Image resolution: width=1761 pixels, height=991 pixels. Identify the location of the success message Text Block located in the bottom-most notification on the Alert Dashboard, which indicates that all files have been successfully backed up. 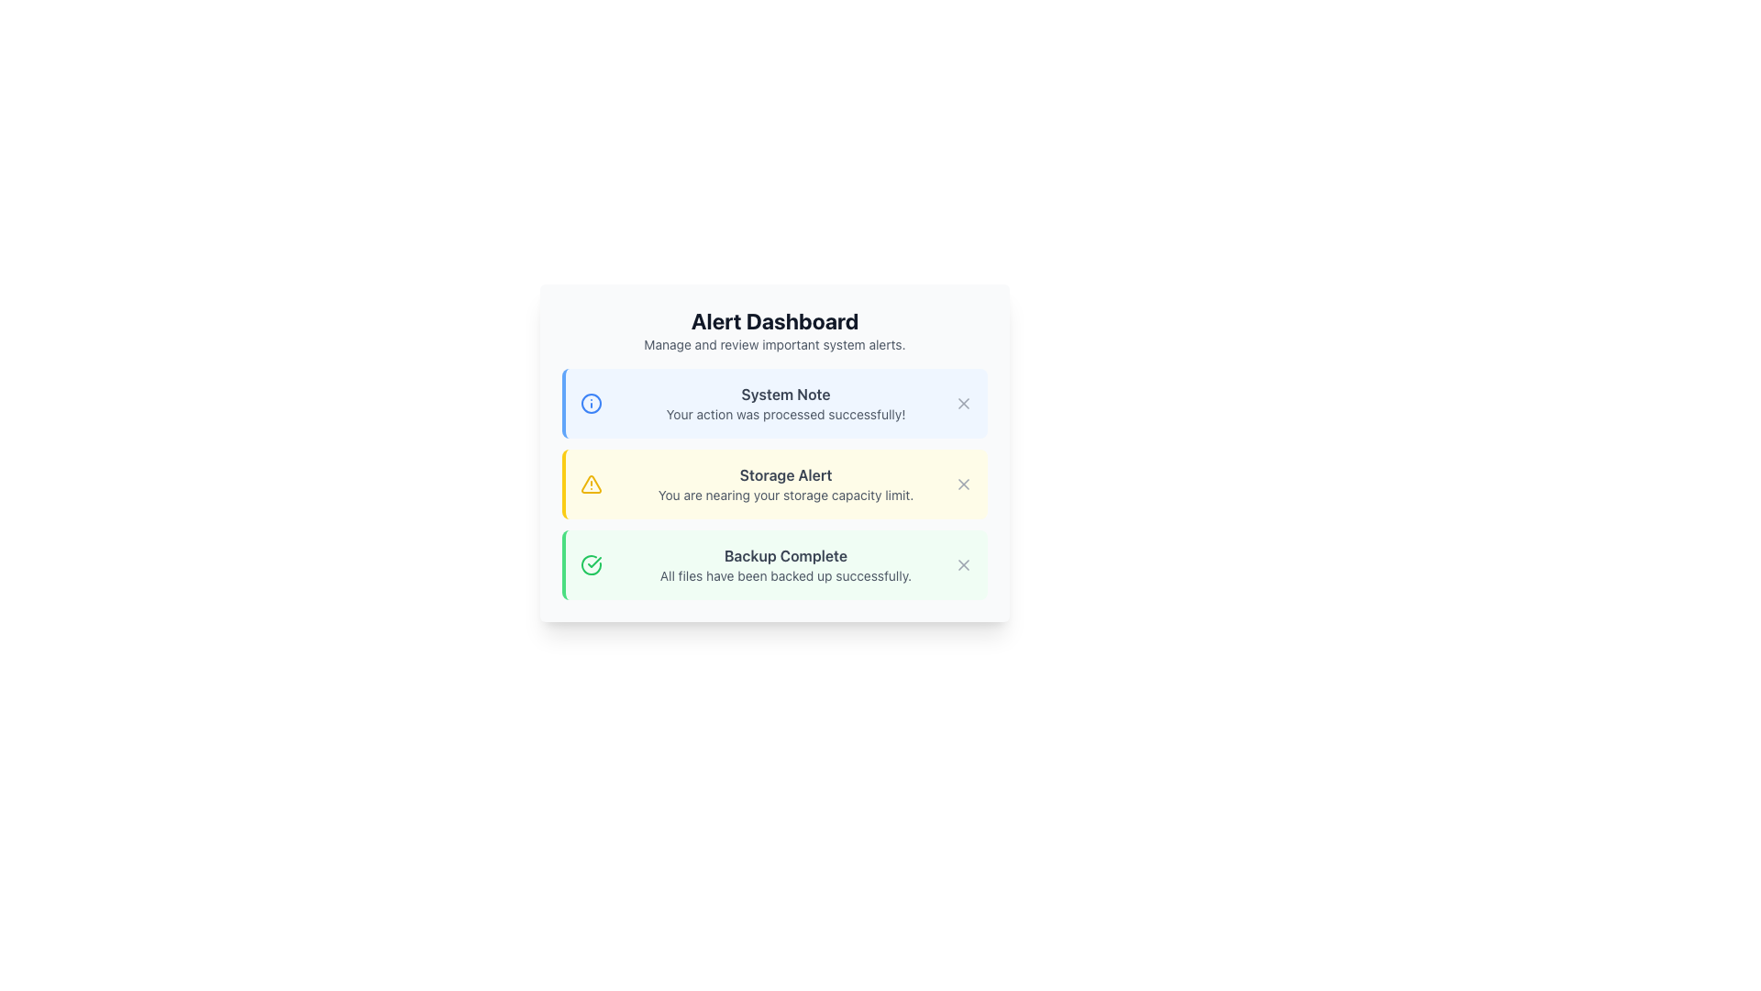
(786, 564).